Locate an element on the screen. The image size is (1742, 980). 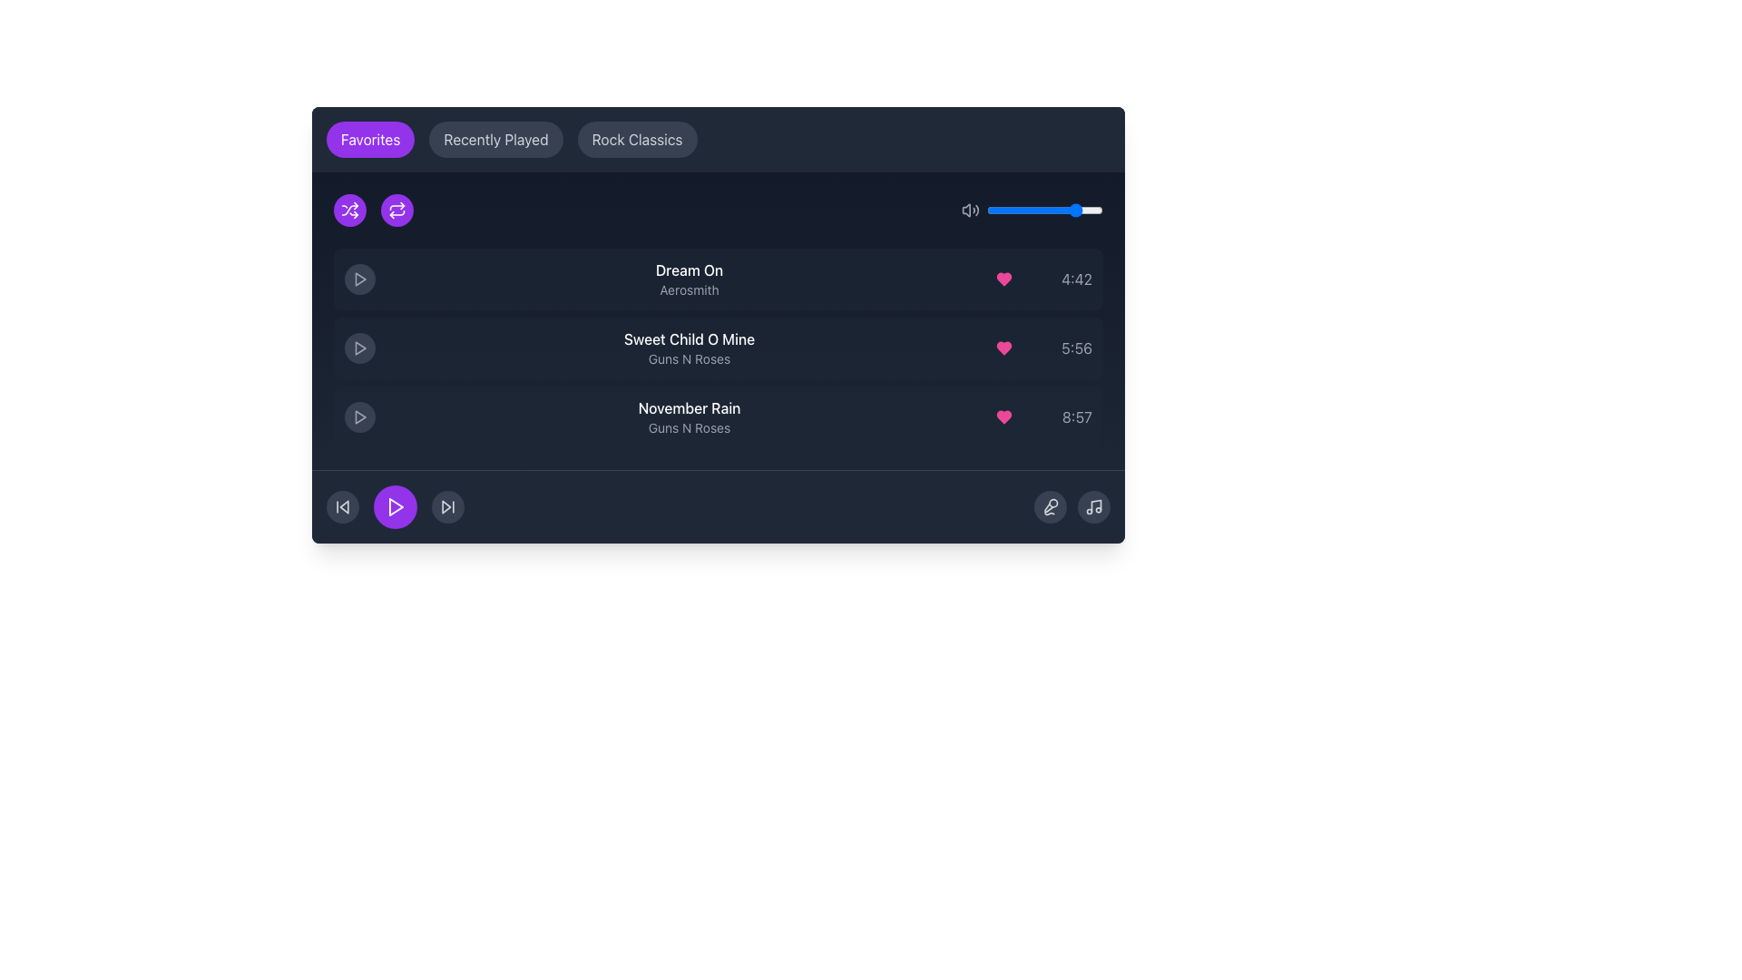
the triangular-shaped play button icon with a gray stroke, located in the second row aligned with the track title 'Dream On by Aerosmith' is located at coordinates (360, 279).